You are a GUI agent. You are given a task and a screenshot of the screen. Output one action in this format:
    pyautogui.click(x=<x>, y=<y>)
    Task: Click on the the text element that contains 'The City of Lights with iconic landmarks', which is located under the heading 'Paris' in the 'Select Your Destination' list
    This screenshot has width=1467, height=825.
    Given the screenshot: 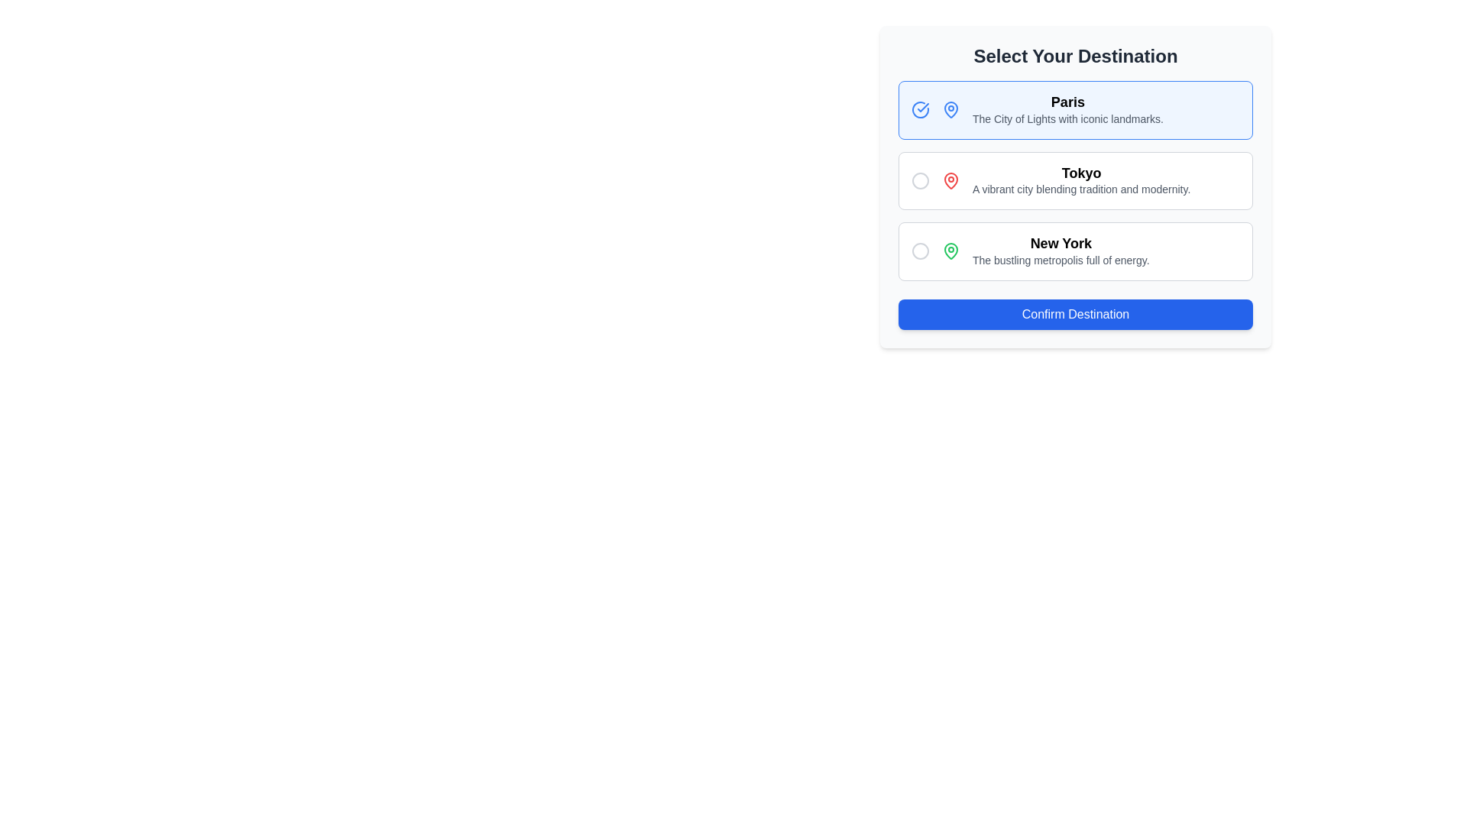 What is the action you would take?
    pyautogui.click(x=1067, y=118)
    